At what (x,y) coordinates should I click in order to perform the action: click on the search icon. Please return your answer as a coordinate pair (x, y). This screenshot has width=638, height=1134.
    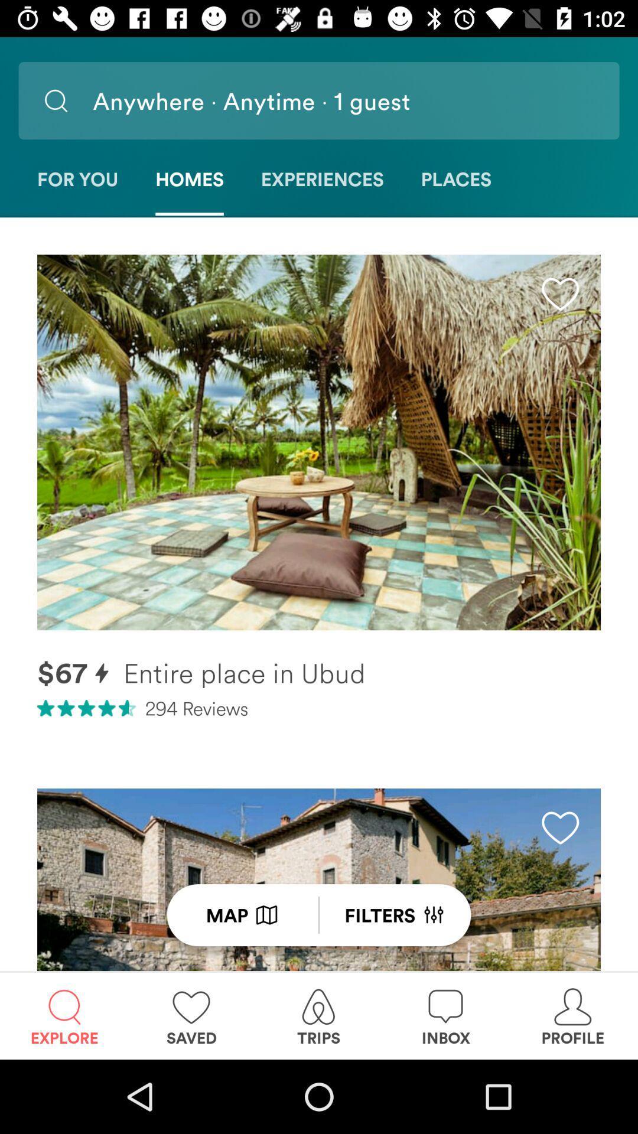
    Looking at the image, I should click on (56, 100).